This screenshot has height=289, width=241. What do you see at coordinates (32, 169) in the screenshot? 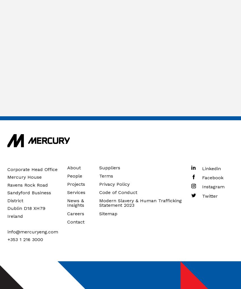
I see `'Corporate Head Office'` at bounding box center [32, 169].